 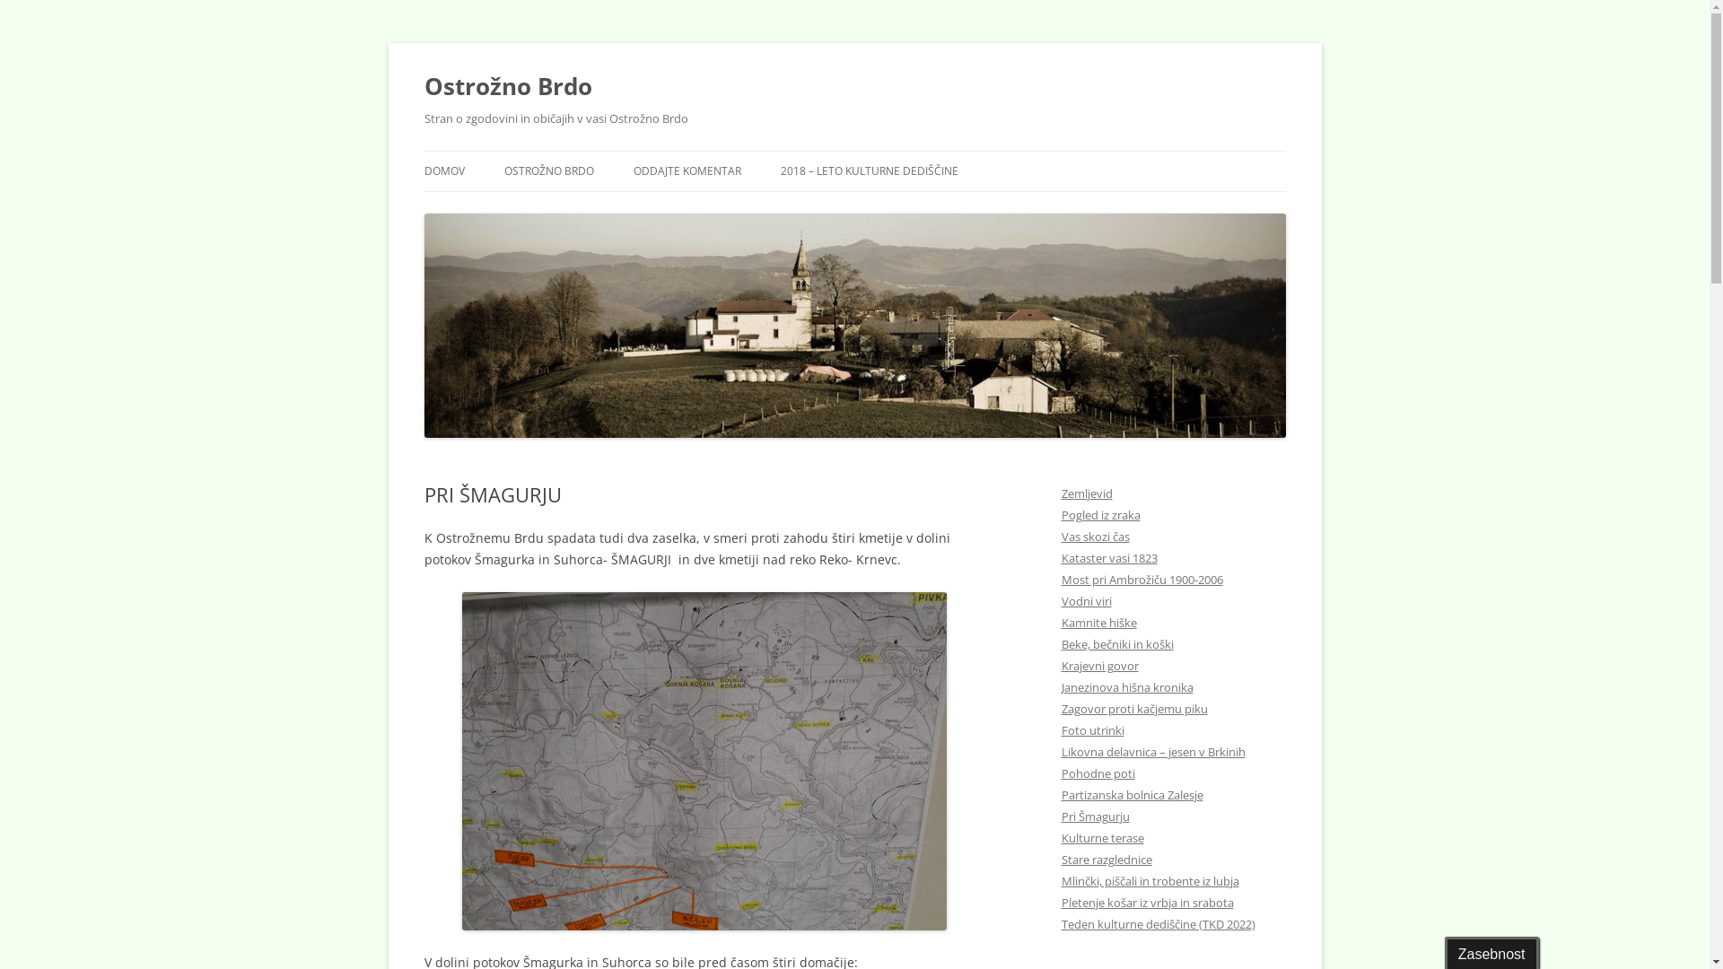 I want to click on 'ZEMLJEVID', so click(x=594, y=208).